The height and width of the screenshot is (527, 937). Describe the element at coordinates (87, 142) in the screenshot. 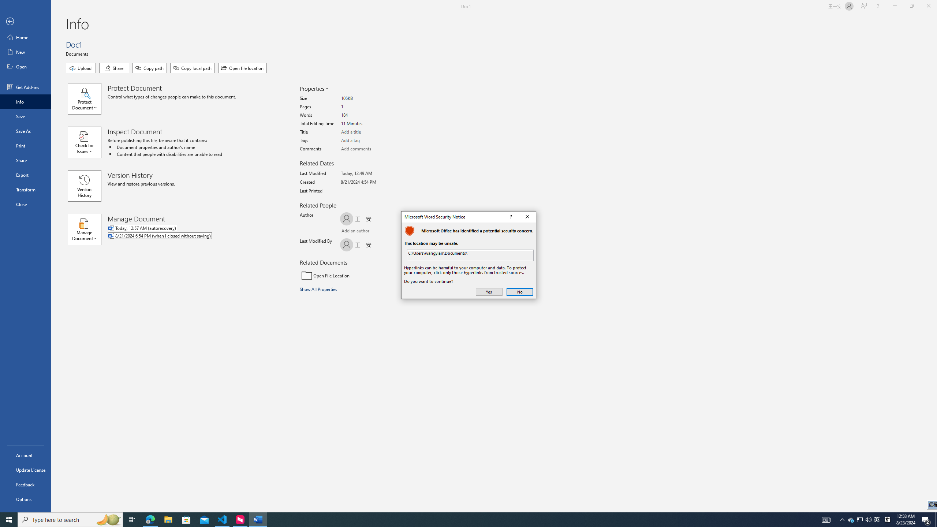

I see `'Check for Issues'` at that location.